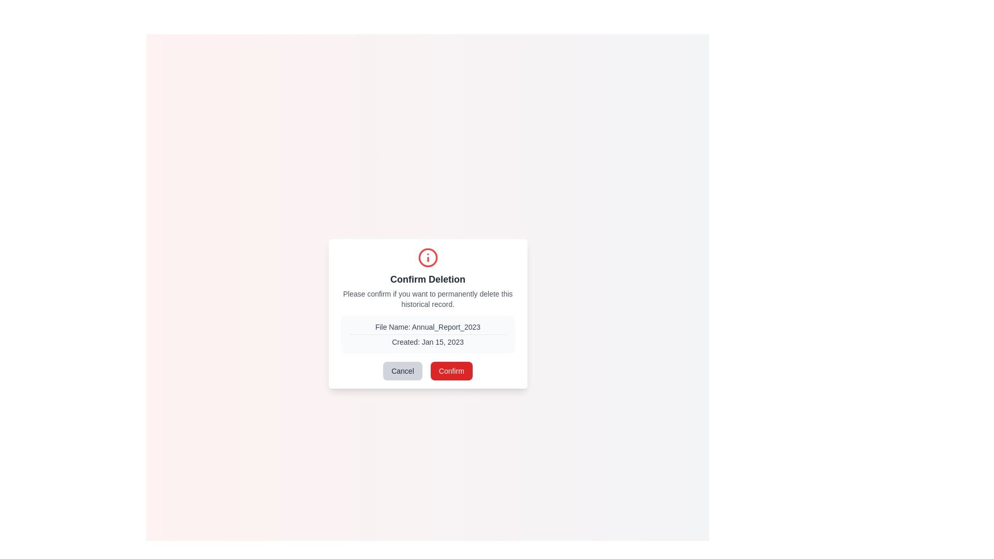 Image resolution: width=994 pixels, height=559 pixels. Describe the element at coordinates (428, 257) in the screenshot. I see `the informational icon located centrally at the top of the 'Confirm Deletion' dialog box` at that location.